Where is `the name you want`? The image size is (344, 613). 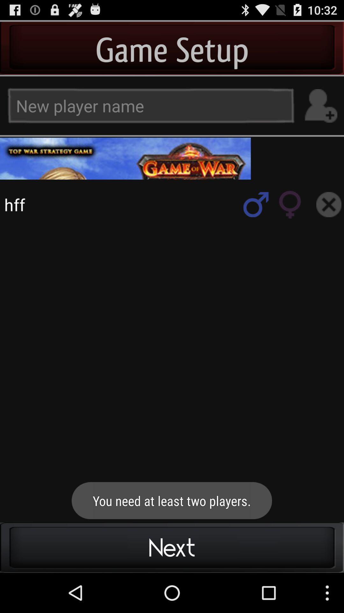 the name you want is located at coordinates (320, 106).